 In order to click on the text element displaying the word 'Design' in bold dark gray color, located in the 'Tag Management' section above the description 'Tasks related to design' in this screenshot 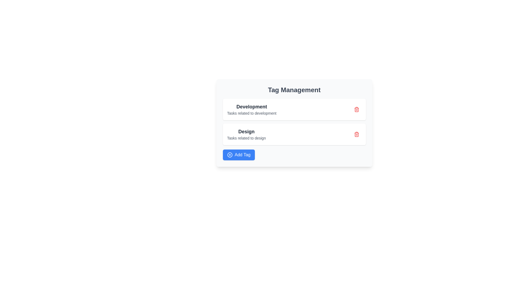, I will do `click(246, 131)`.